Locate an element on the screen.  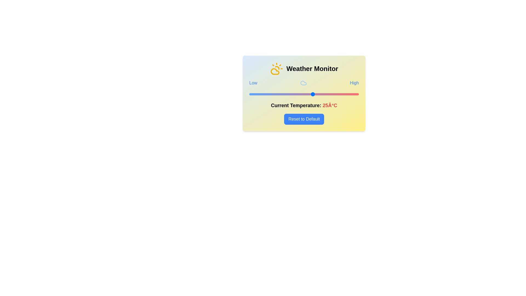
the temperature to -2°C using the slider is located at coordinates (264, 94).